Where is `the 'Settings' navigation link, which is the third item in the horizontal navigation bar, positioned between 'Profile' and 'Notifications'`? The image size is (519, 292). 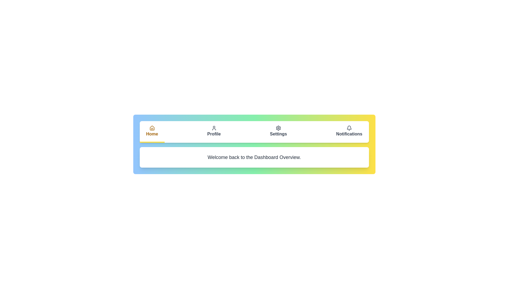
the 'Settings' navigation link, which is the third item in the horizontal navigation bar, positioned between 'Profile' and 'Notifications' is located at coordinates (278, 132).